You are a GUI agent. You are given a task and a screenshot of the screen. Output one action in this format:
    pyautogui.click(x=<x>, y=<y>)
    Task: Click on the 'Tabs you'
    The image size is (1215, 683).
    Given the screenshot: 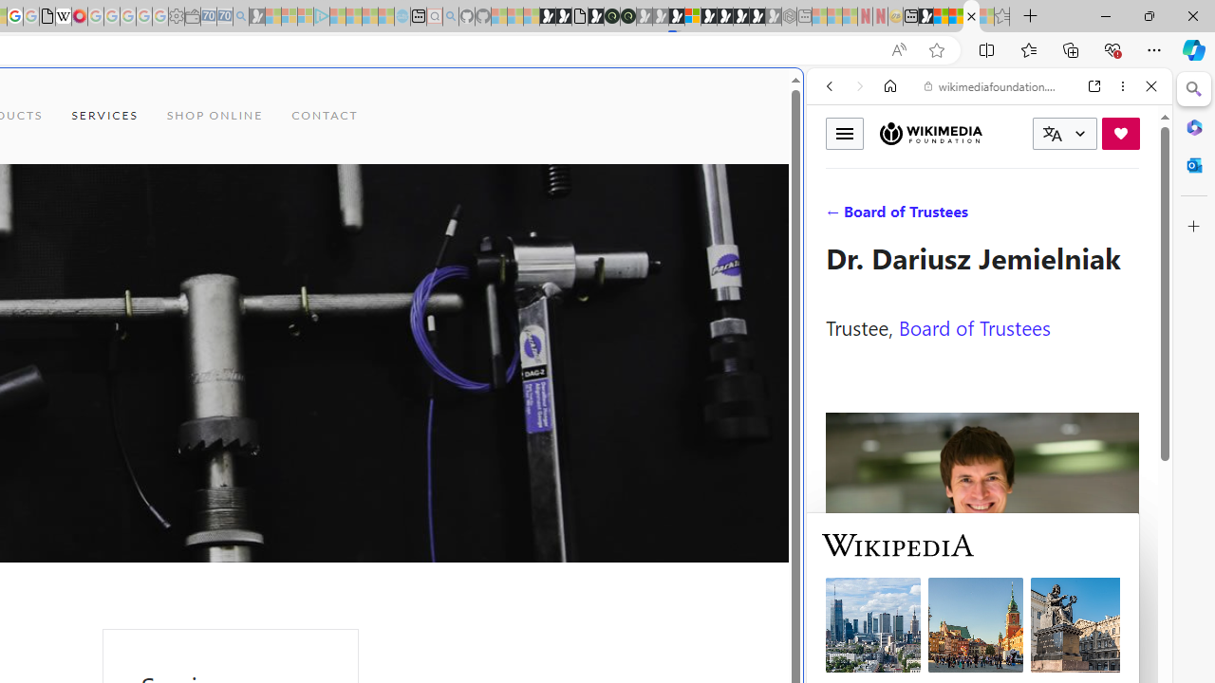 What is the action you would take?
    pyautogui.click(x=262, y=251)
    